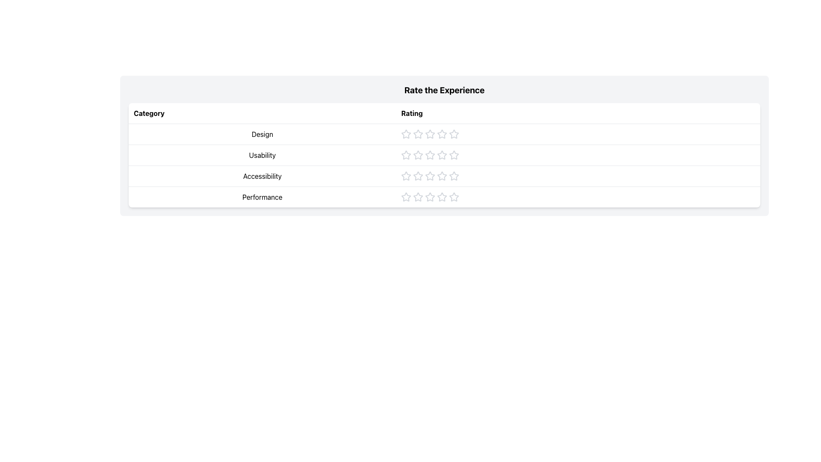 The image size is (821, 462). What do you see at coordinates (430, 134) in the screenshot?
I see `the second star icon in the rating bar for rating, indicating an inactive state` at bounding box center [430, 134].